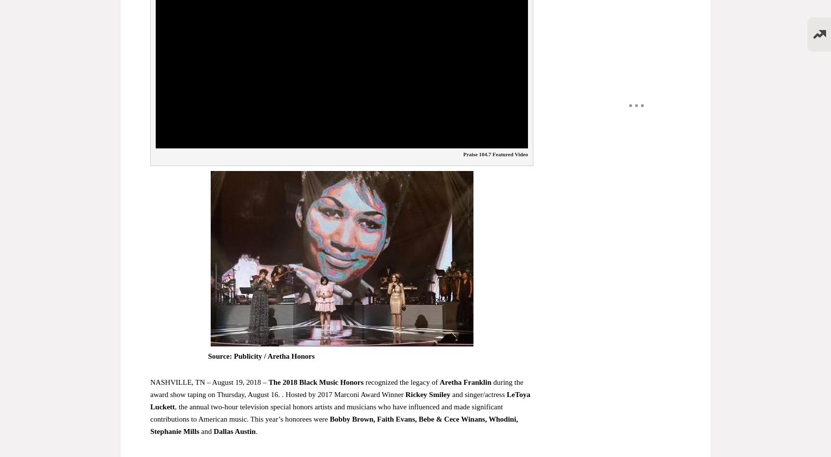 Image resolution: width=831 pixels, height=457 pixels. What do you see at coordinates (465, 382) in the screenshot?
I see `'Aretha Franklin'` at bounding box center [465, 382].